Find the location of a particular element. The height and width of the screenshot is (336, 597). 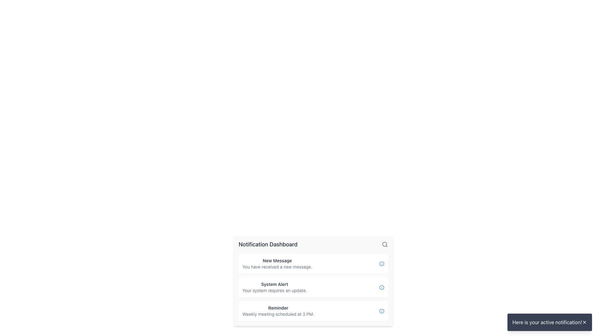

the first Notification Card in the Notification Dashboard is located at coordinates (277, 264).